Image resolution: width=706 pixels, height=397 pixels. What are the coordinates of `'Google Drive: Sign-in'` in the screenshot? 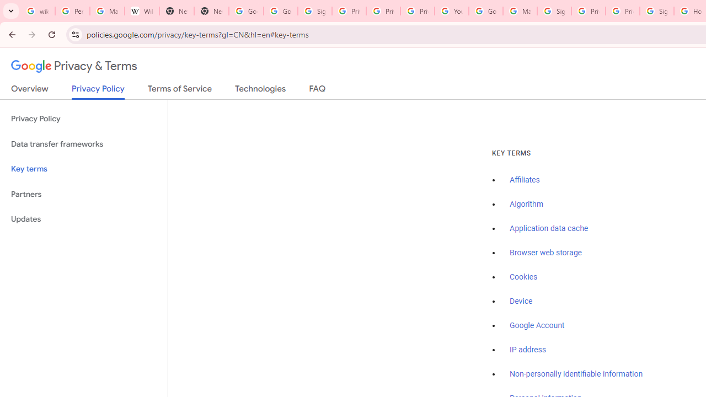 It's located at (280, 11).